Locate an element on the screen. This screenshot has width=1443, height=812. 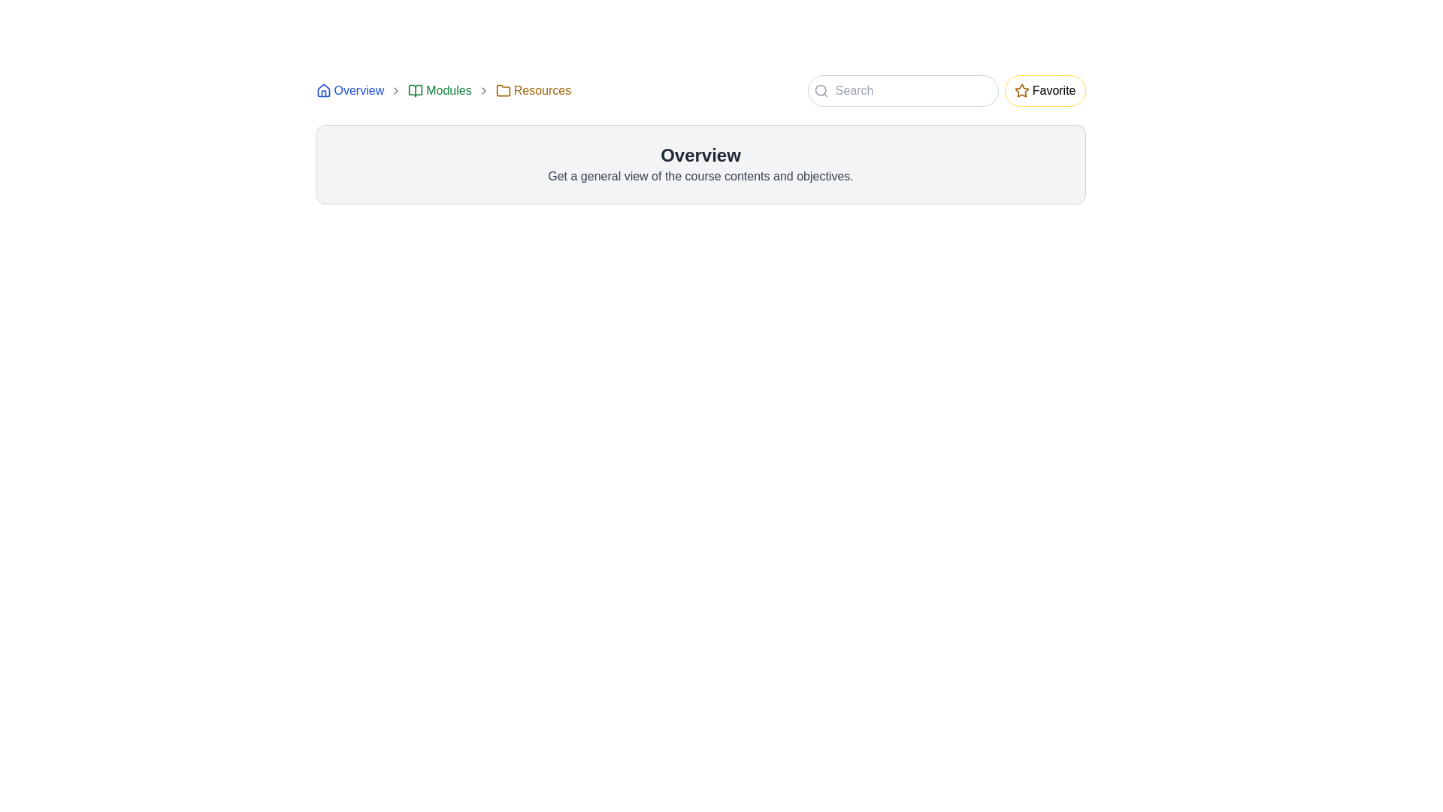
the folder icon in the breadcrumb navigation bar, which is light brown and positioned between the 'Modules' and 'Resources' text is located at coordinates (503, 90).